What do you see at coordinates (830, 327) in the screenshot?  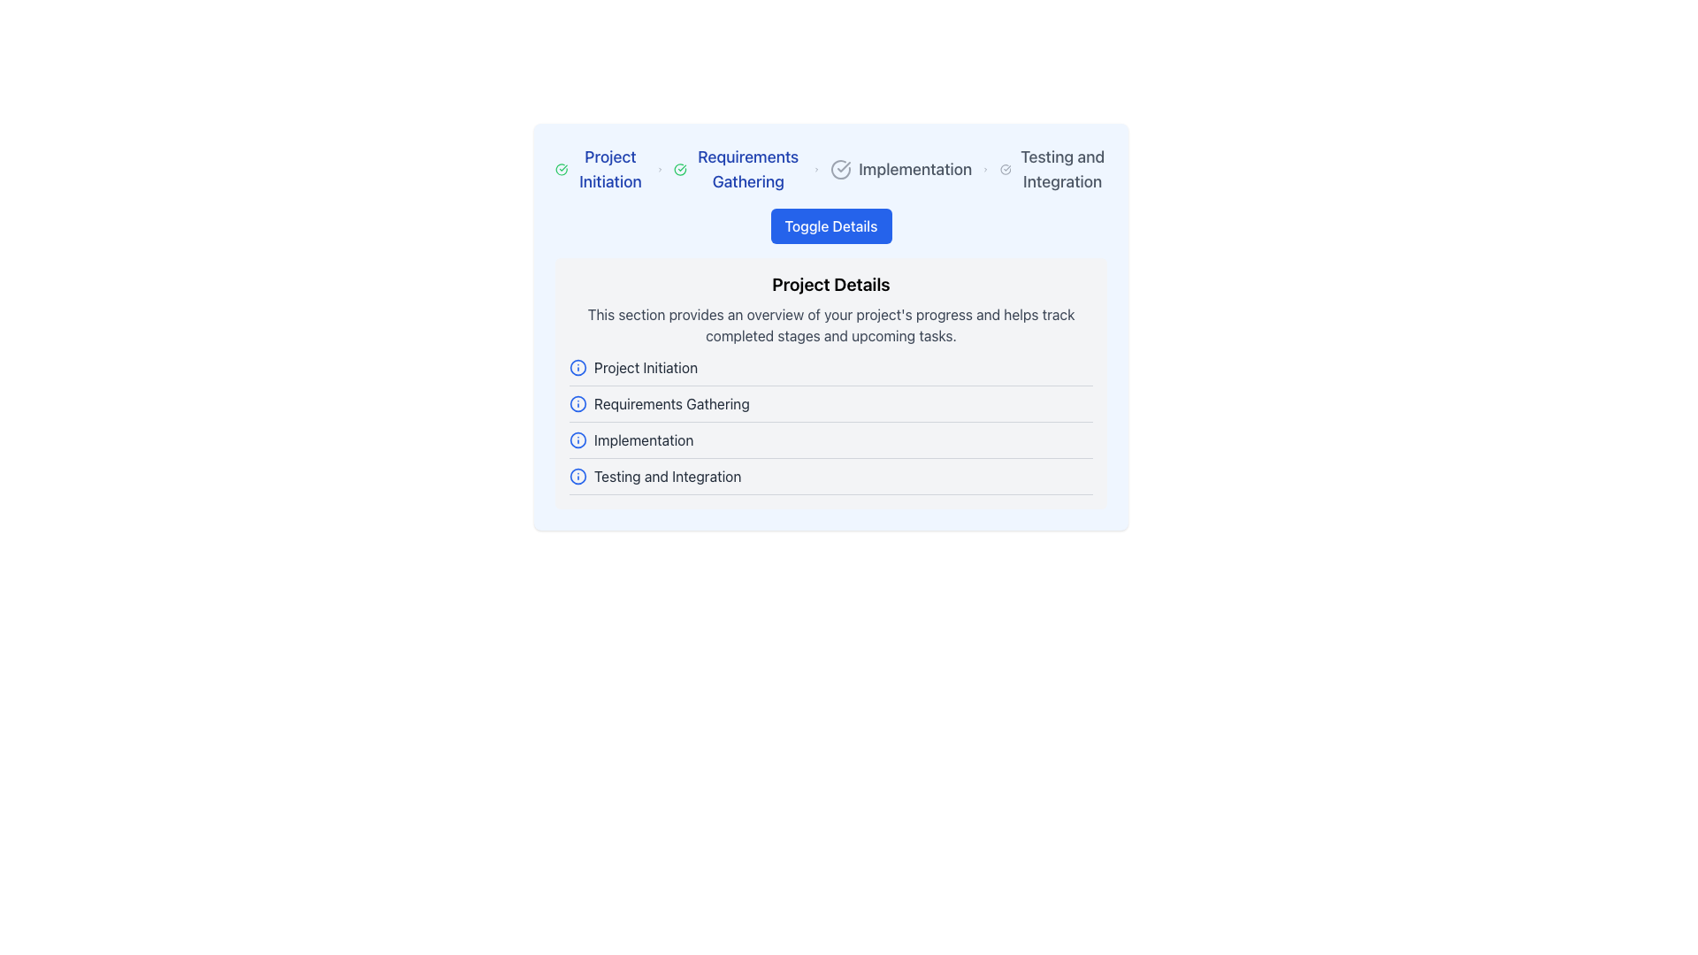 I see `the summary section that displays the project's progress, located centrally below the navigation bar and above the 'Toggle Details' button` at bounding box center [830, 327].